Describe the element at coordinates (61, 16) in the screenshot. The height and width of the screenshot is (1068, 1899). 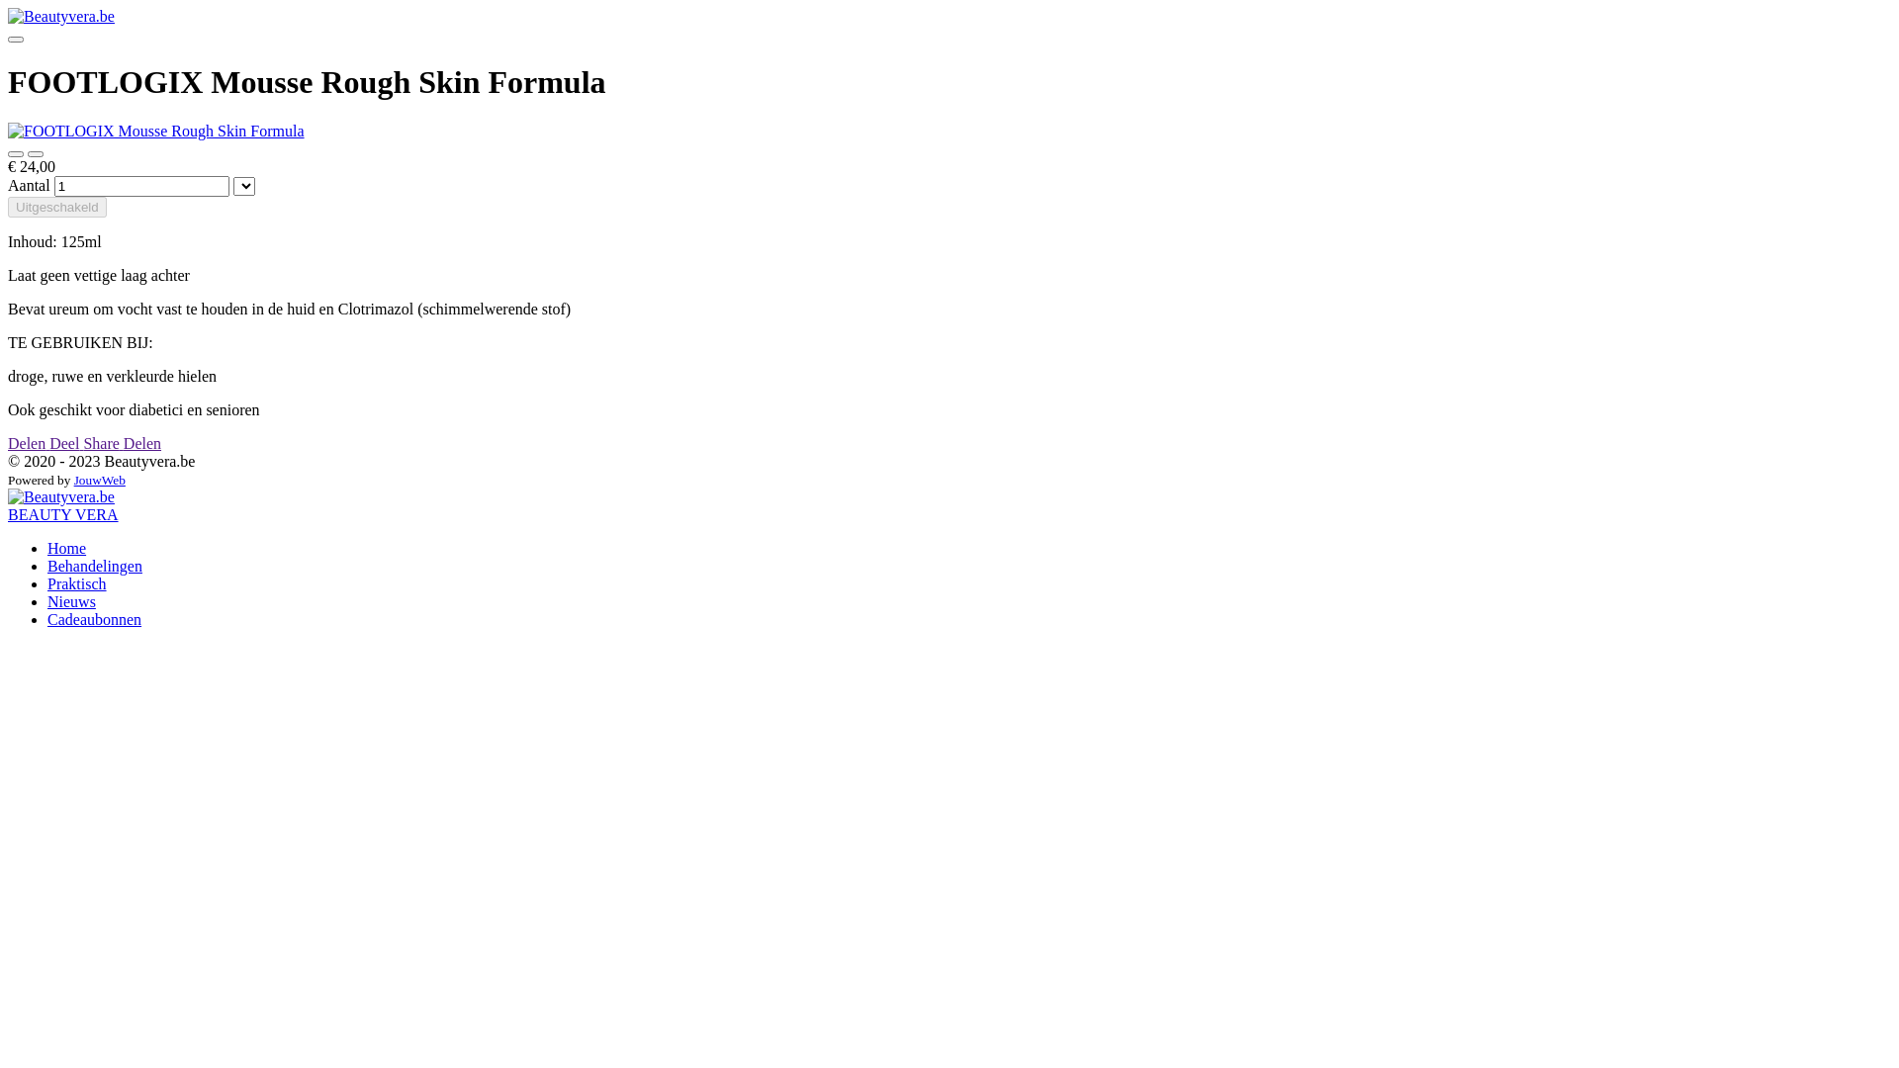
I see `'Beautyvera.be'` at that location.